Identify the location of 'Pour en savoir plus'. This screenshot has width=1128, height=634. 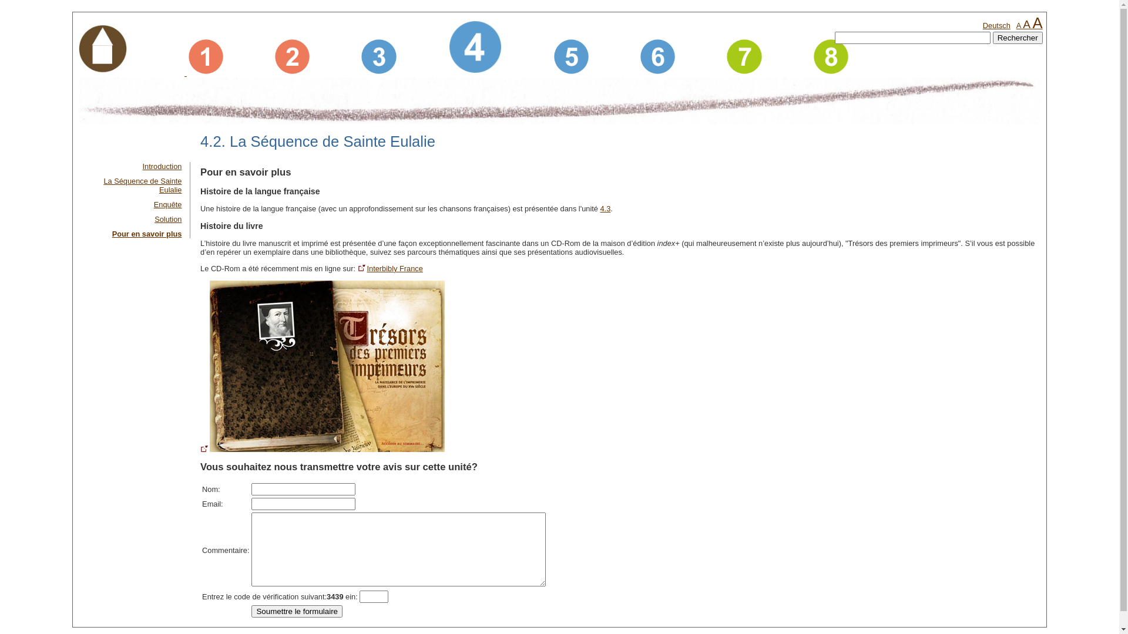
(146, 234).